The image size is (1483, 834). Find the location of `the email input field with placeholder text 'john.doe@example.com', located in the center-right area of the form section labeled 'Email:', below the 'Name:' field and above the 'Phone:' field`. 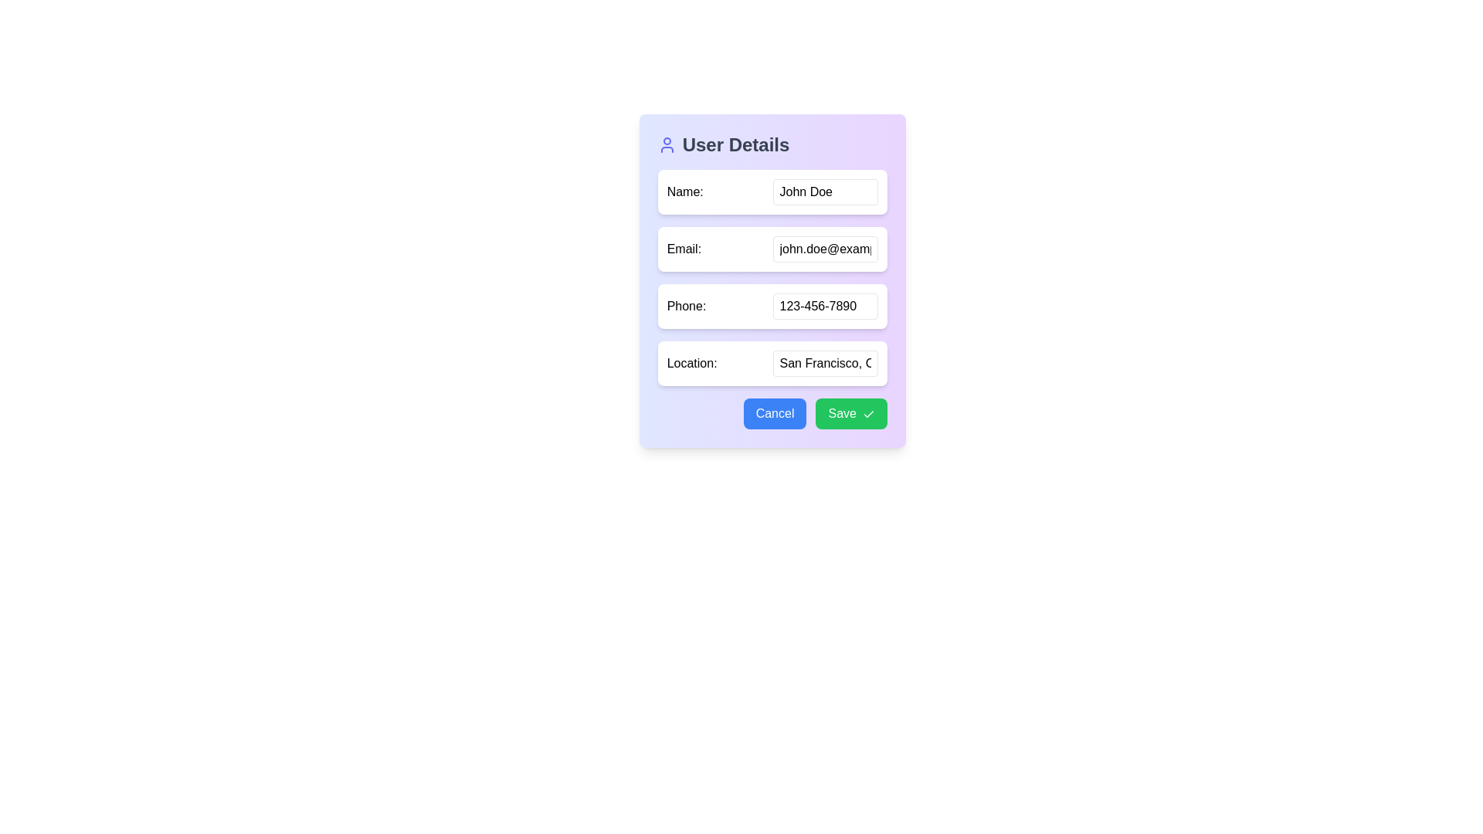

the email input field with placeholder text 'john.doe@example.com', located in the center-right area of the form section labeled 'Email:', below the 'Name:' field and above the 'Phone:' field is located at coordinates (824, 249).